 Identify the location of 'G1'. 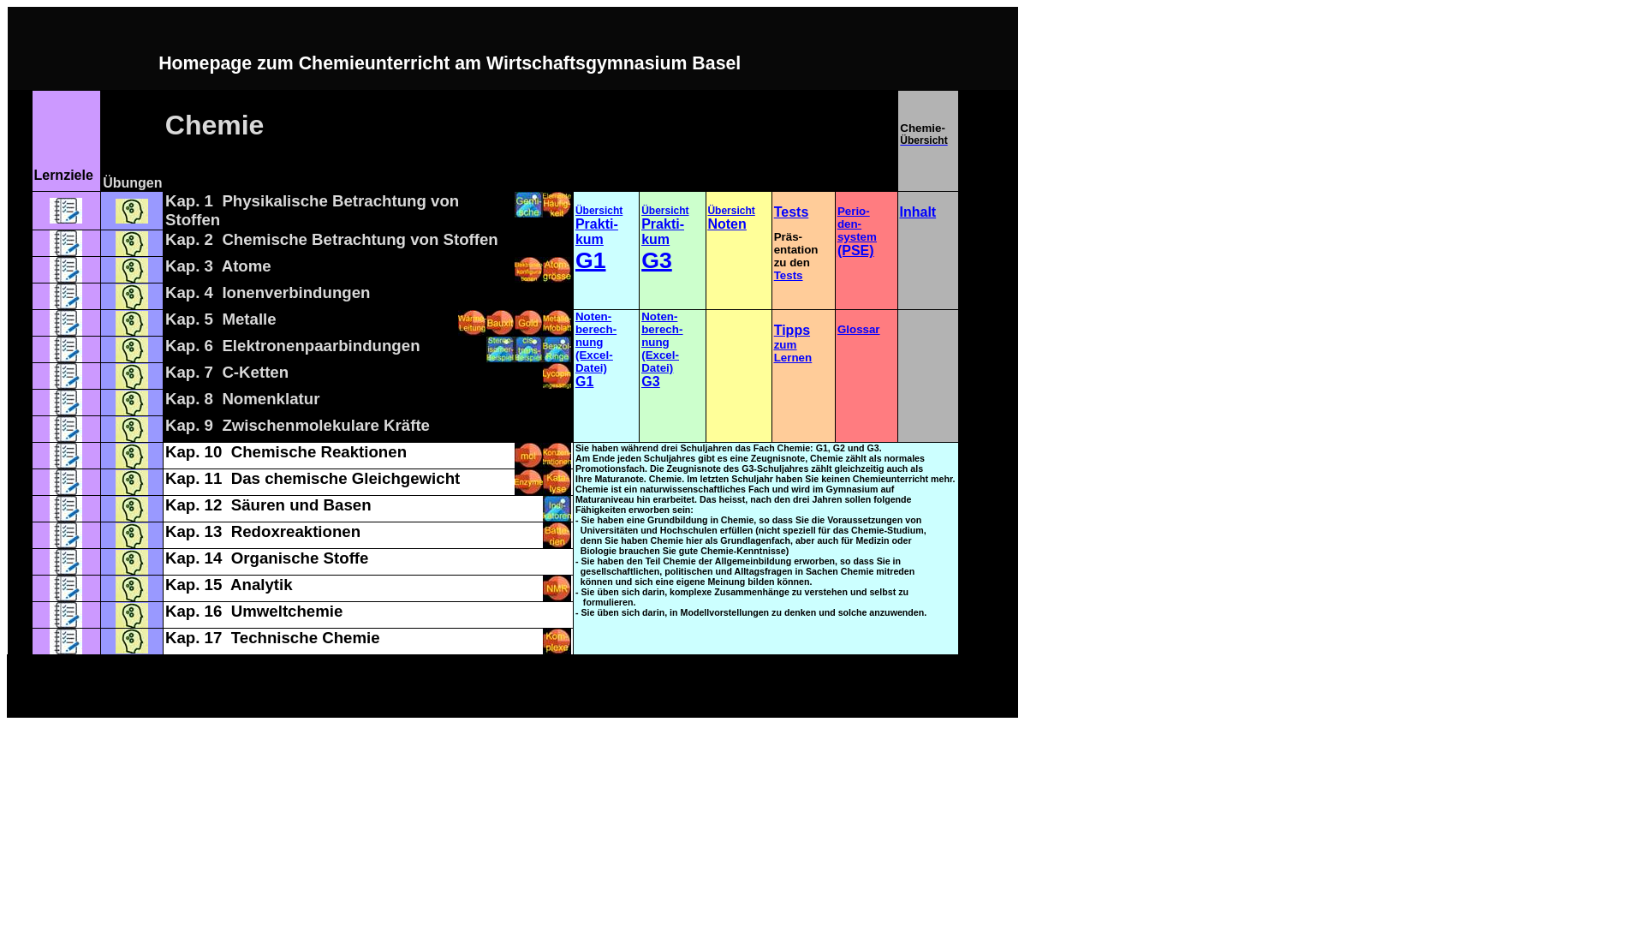
(591, 260).